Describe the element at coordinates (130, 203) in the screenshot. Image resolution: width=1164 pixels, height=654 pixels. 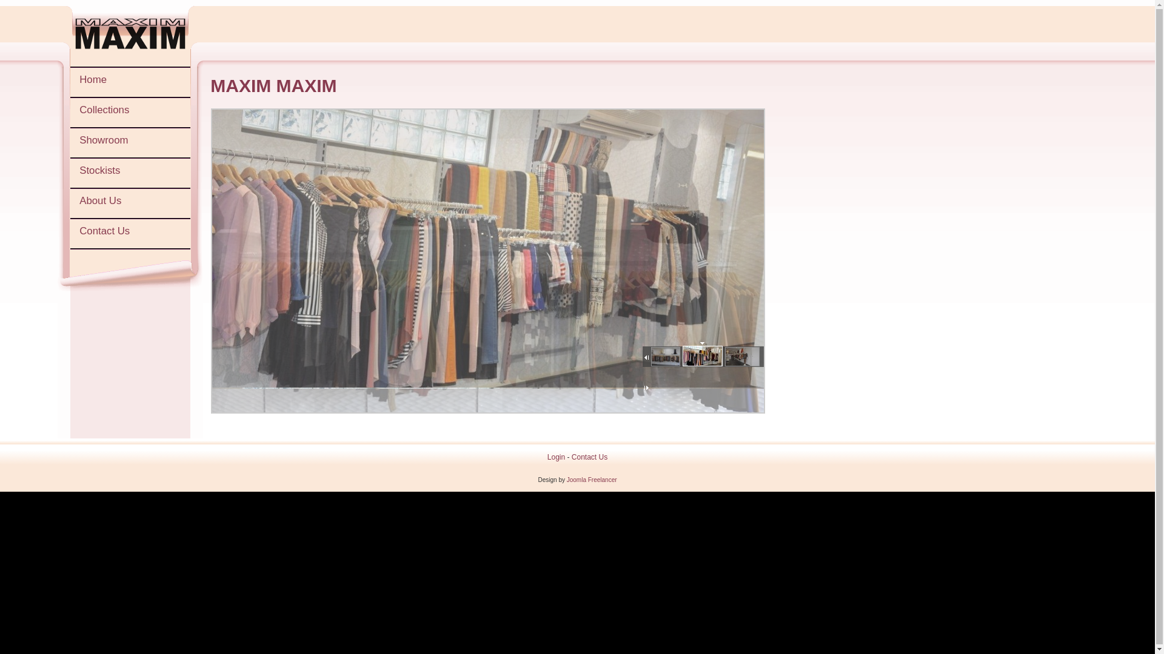
I see `'About Us'` at that location.